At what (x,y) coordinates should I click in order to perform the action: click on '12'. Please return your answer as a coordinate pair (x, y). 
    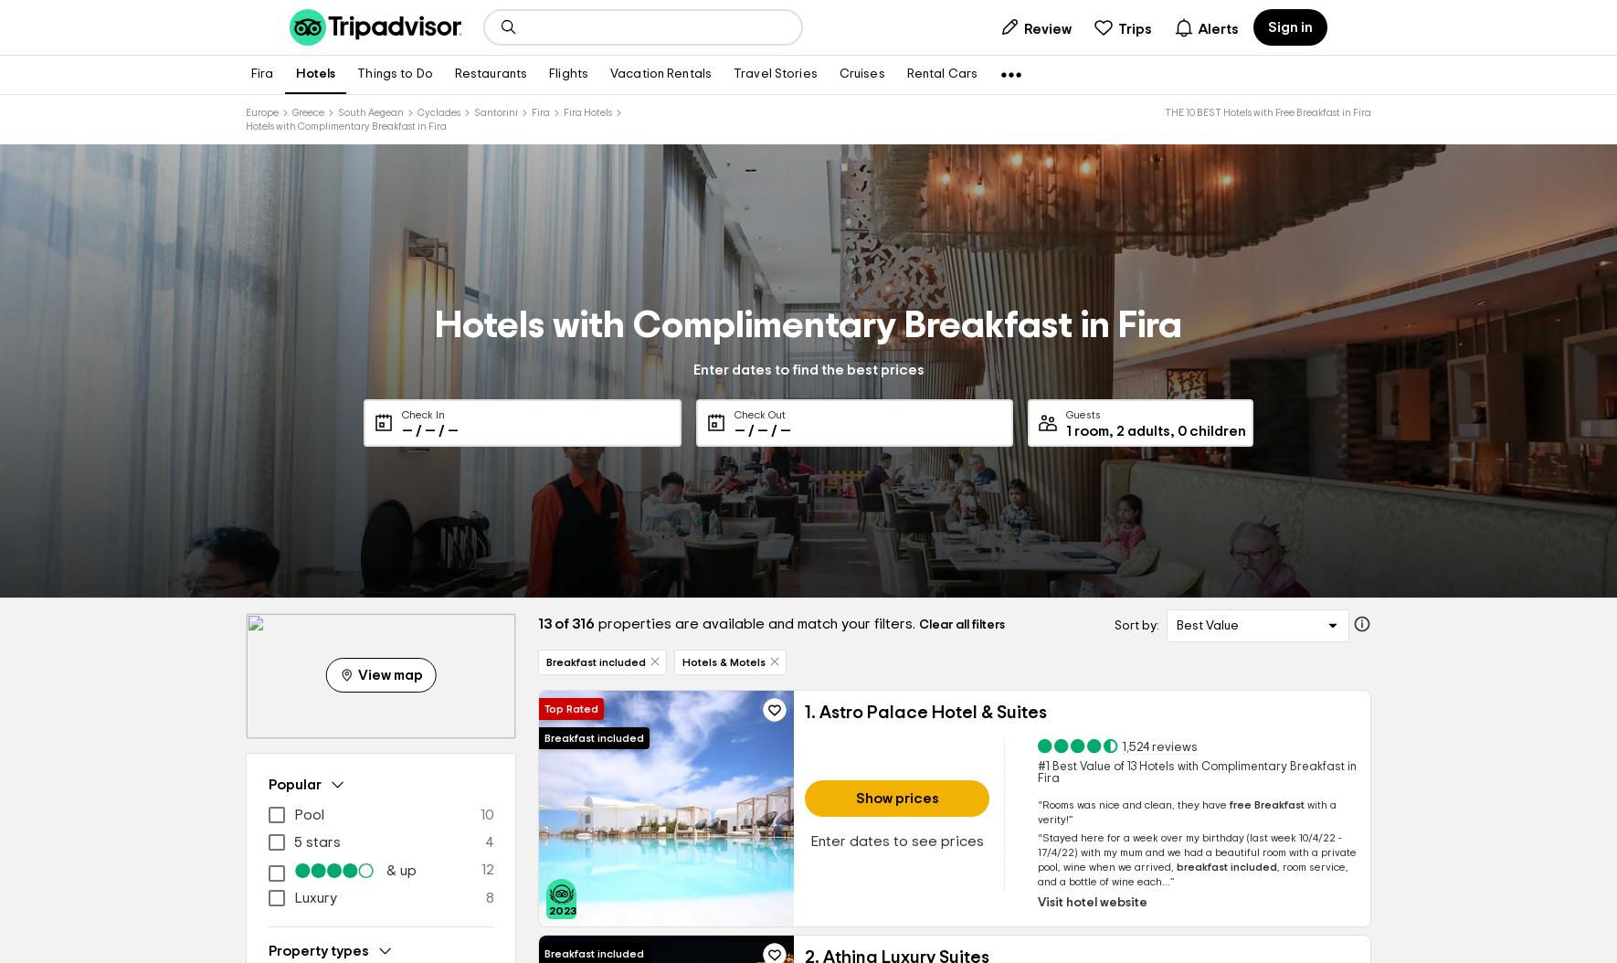
    Looking at the image, I should click on (488, 869).